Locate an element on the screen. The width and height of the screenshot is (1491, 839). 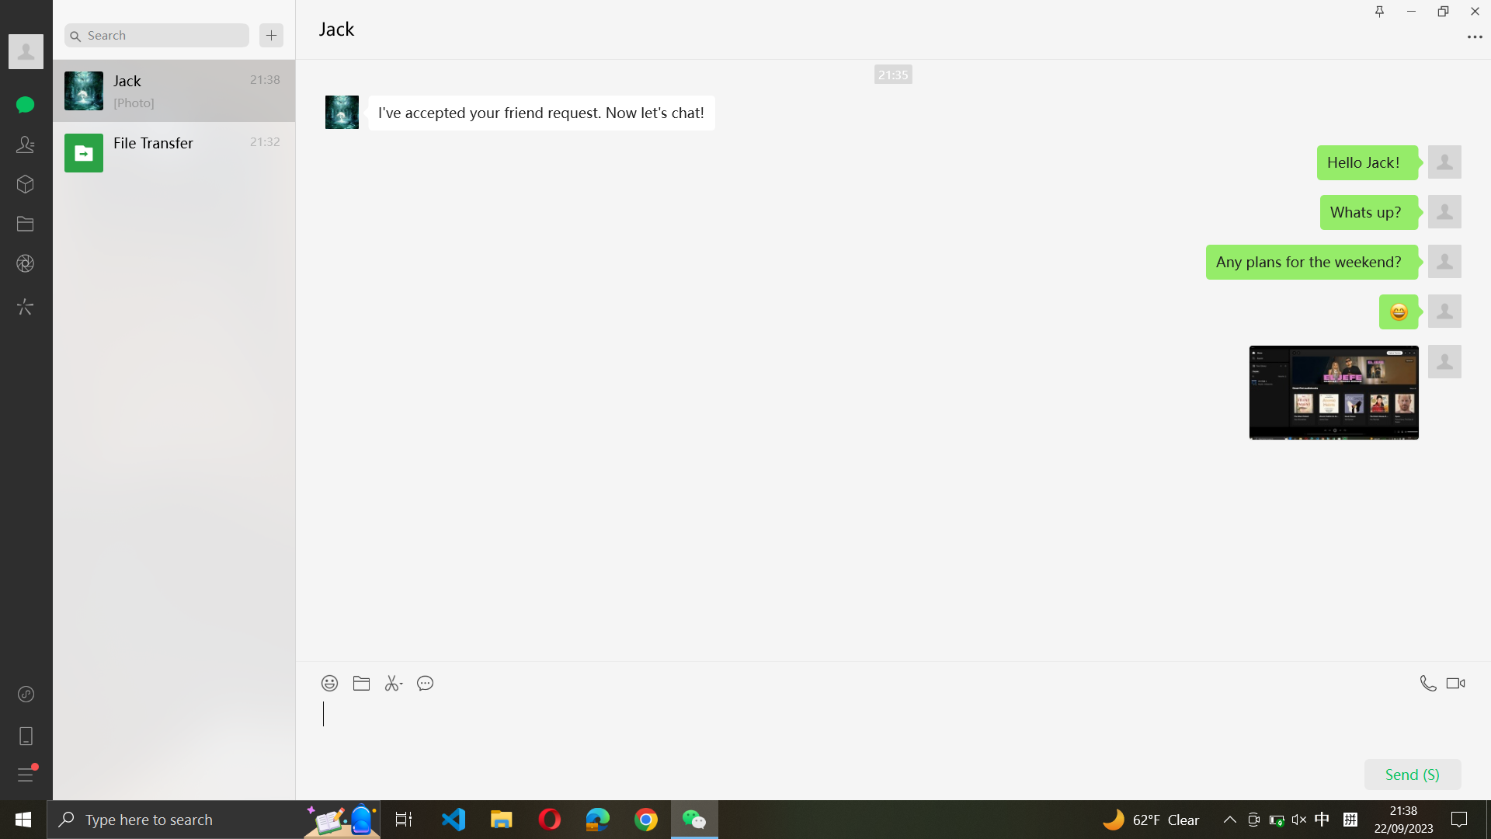
Jump to the earlier messages in the chat box with Jack is located at coordinates (893, 361).